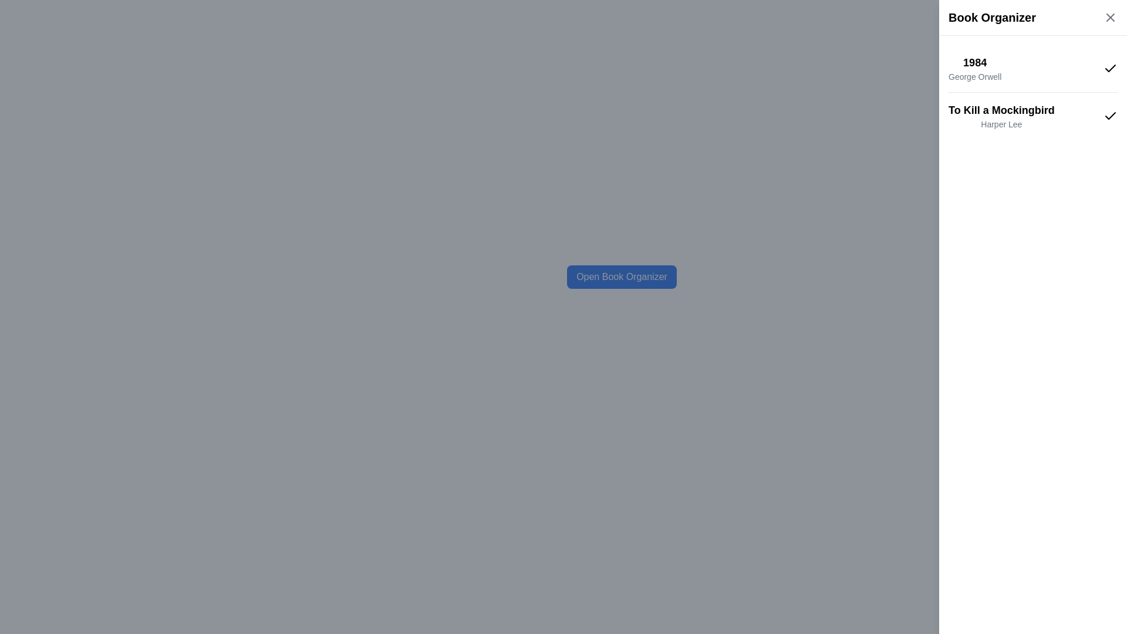  What do you see at coordinates (1109, 116) in the screenshot?
I see `the icon in the upper-right of the card for 'To Kill a Mockingbird'` at bounding box center [1109, 116].